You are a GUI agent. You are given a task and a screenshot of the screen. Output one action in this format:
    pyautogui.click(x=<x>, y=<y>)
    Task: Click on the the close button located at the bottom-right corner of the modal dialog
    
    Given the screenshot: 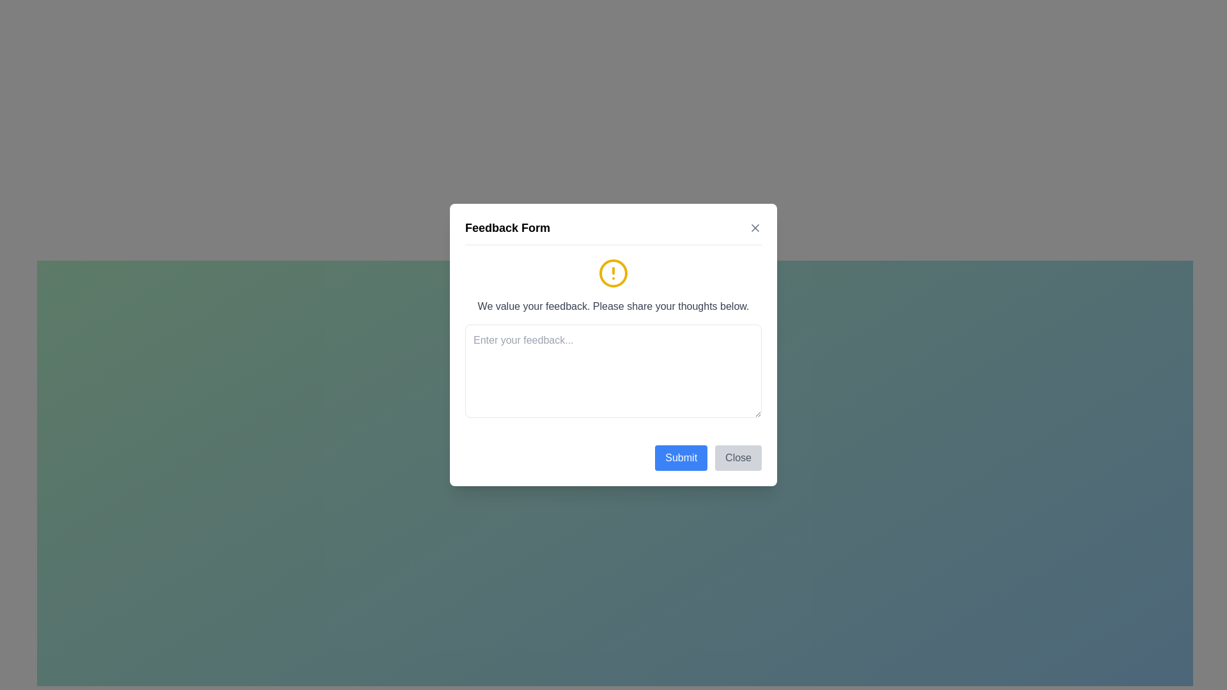 What is the action you would take?
    pyautogui.click(x=738, y=457)
    